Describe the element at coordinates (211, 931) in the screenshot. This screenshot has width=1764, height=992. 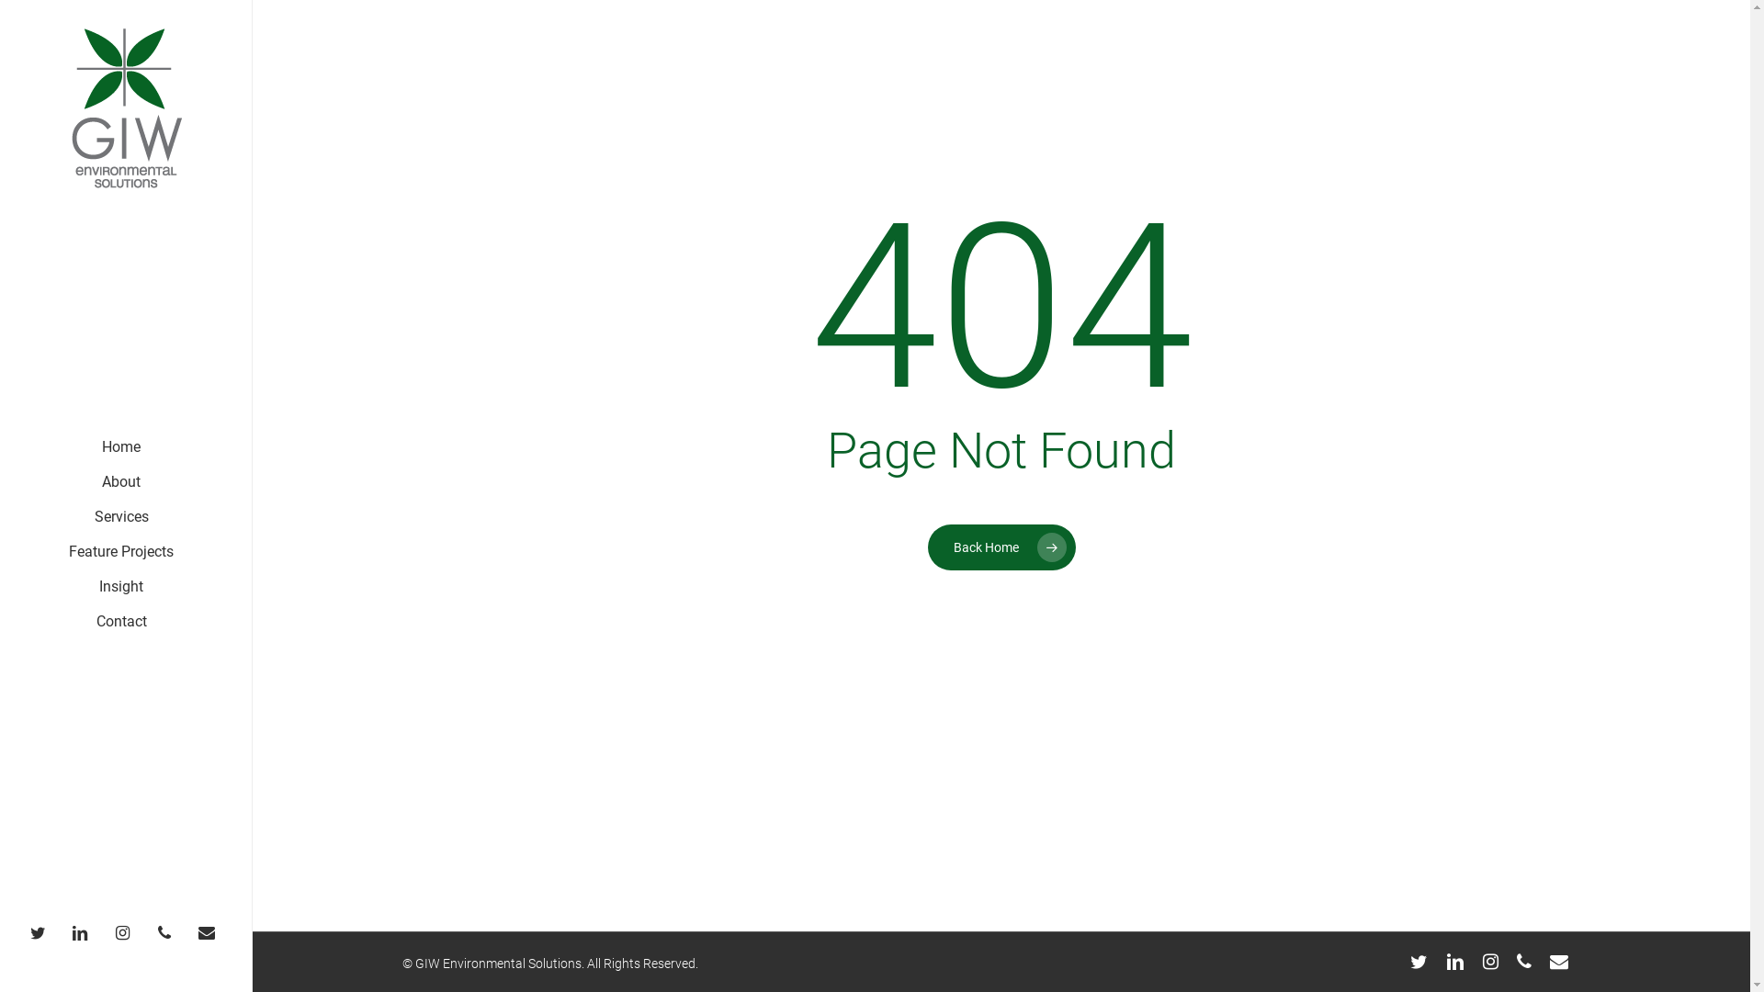
I see `'email'` at that location.